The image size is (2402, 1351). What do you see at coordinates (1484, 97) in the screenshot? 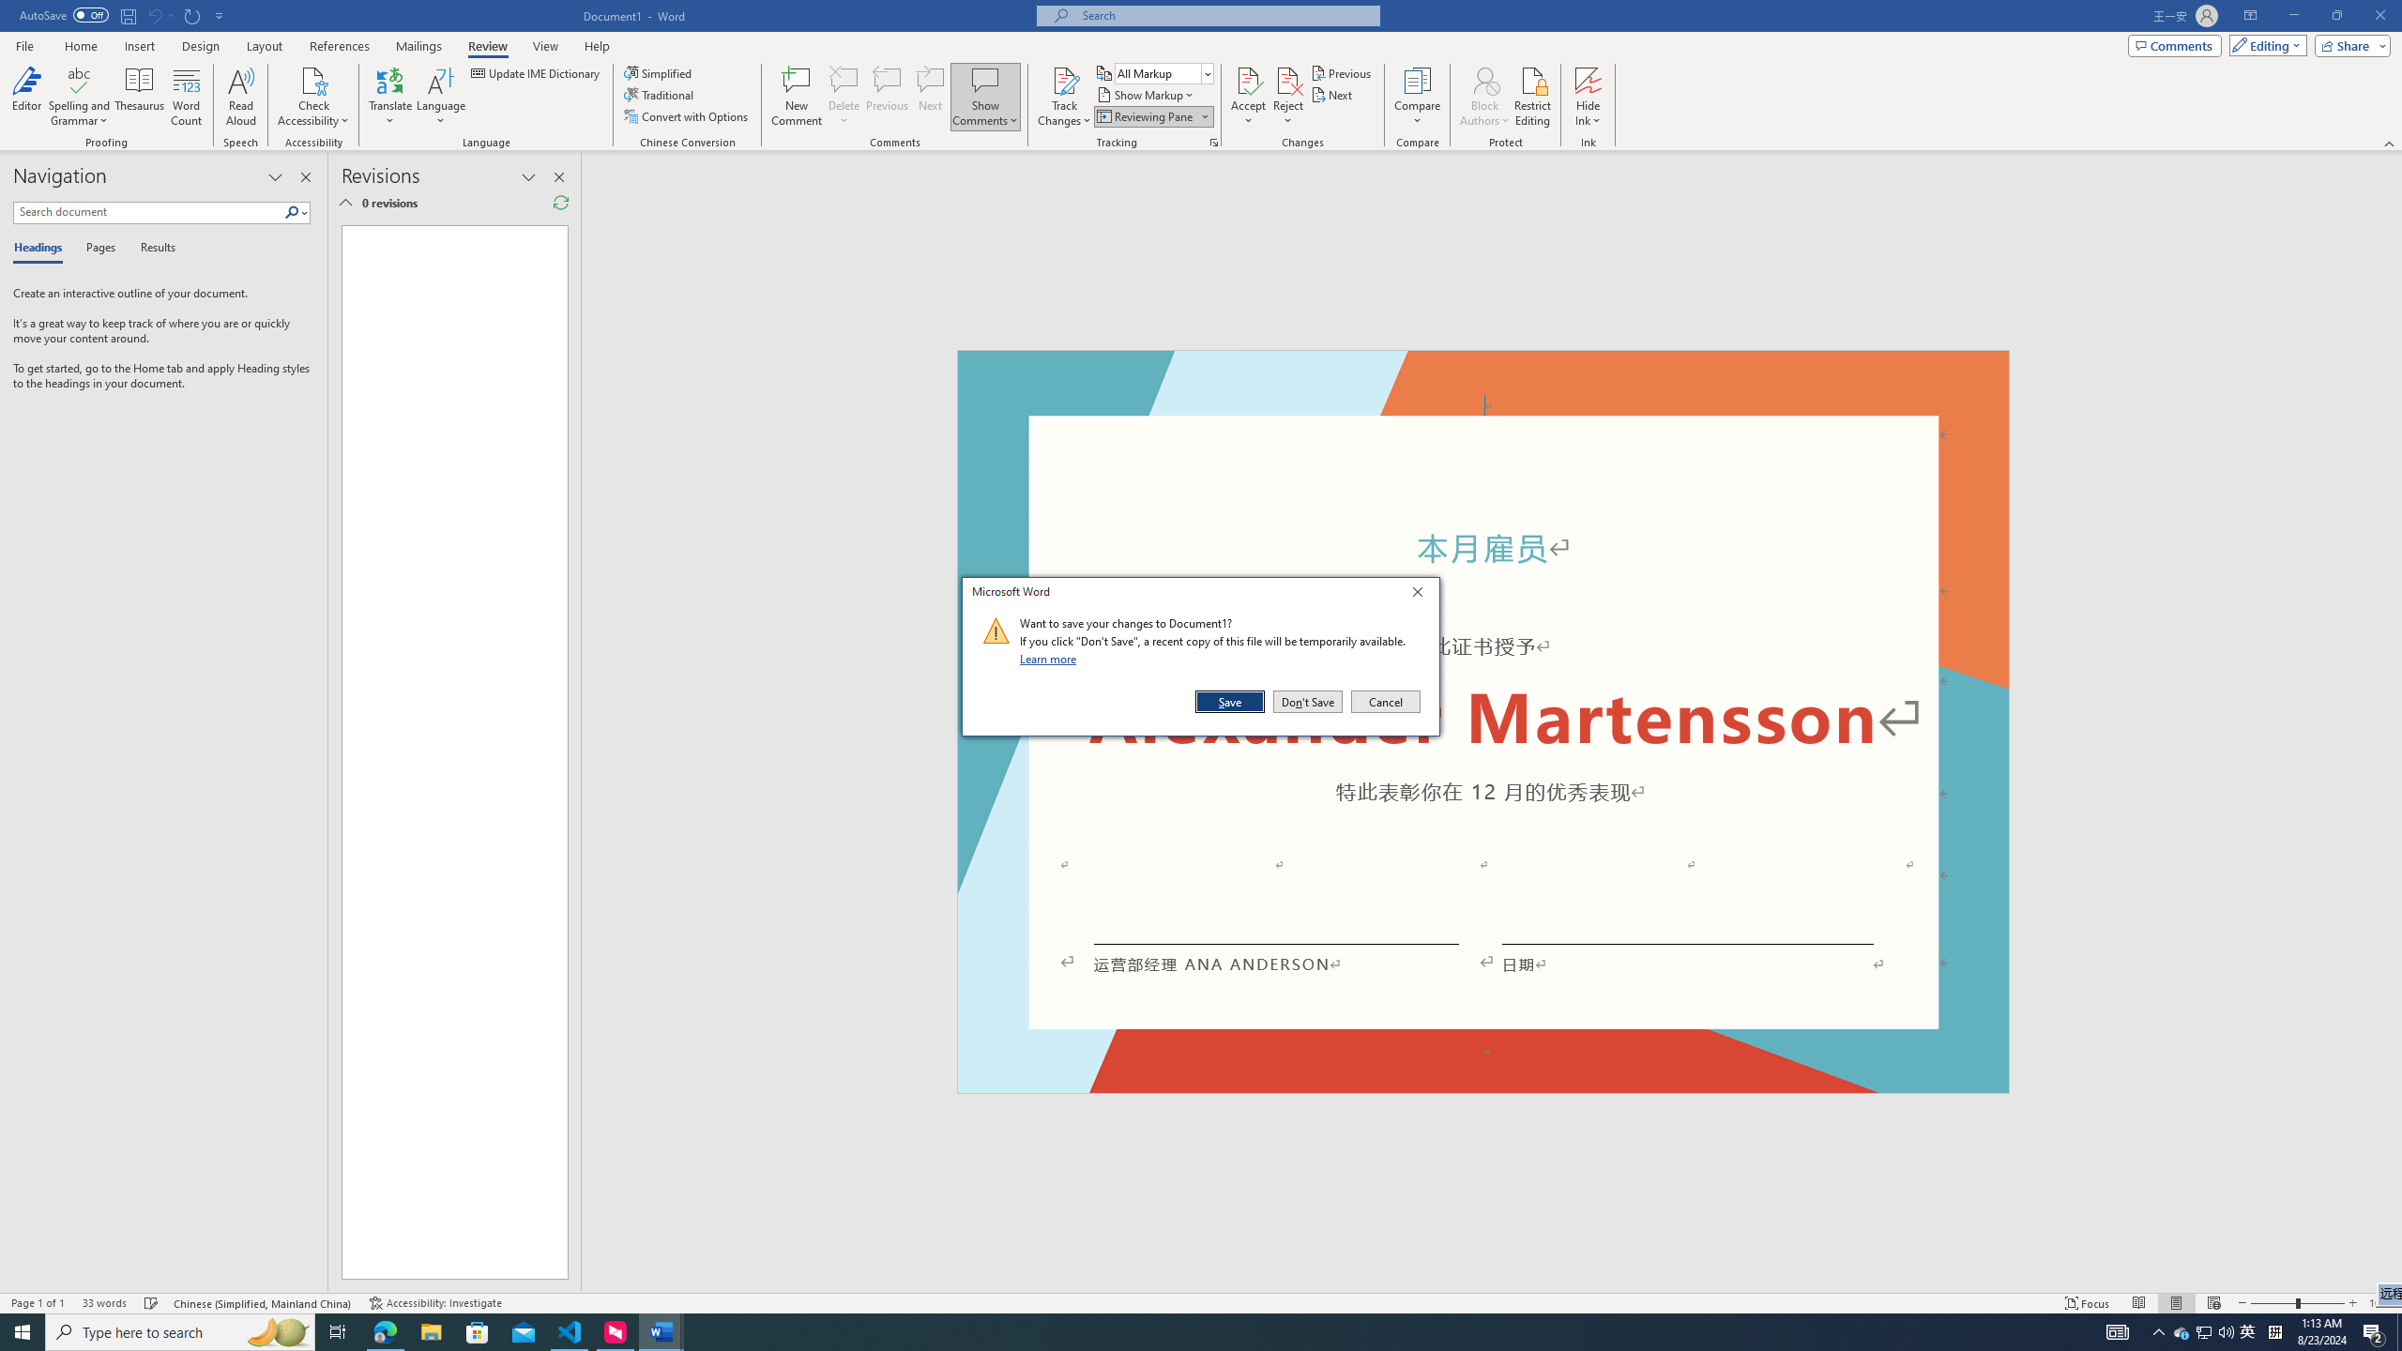
I see `'Block Authors'` at bounding box center [1484, 97].